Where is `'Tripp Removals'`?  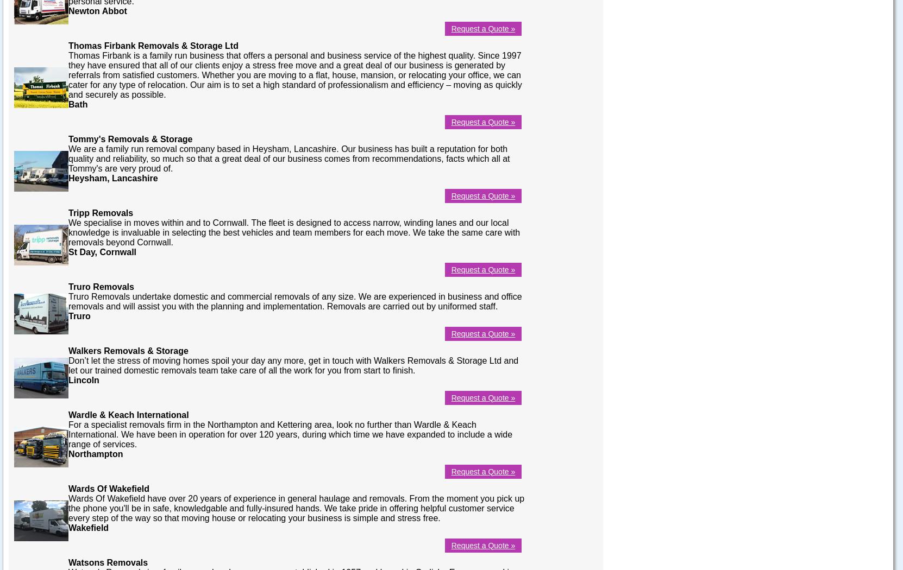
'Tripp Removals' is located at coordinates (100, 212).